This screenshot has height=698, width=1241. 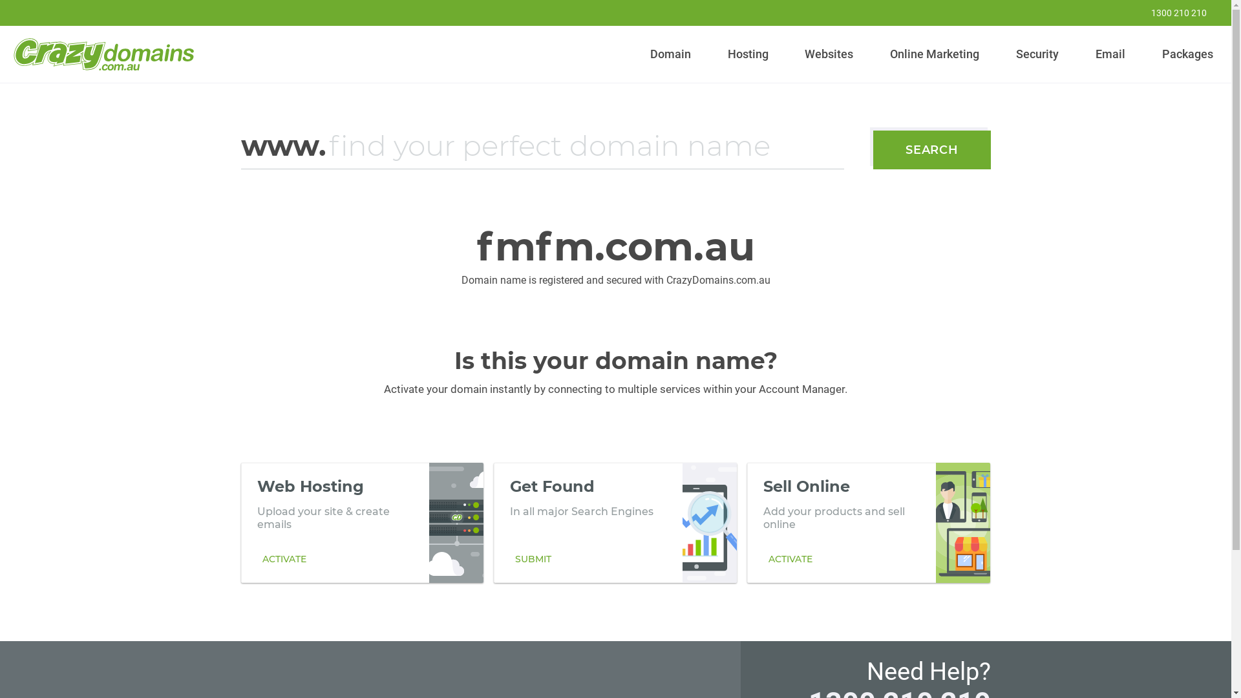 I want to click on 'Hosting', so click(x=747, y=54).